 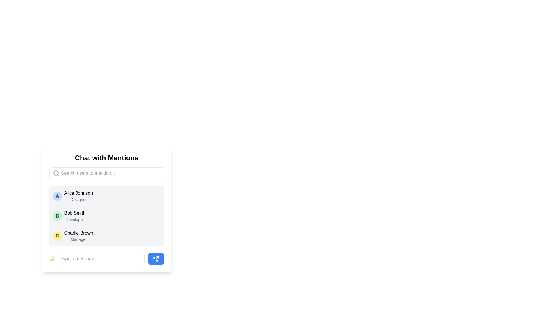 What do you see at coordinates (57, 236) in the screenshot?
I see `the avatar for 'Charlie Brown' located in the 'Chat with Mentions' list, positioned to the left of the text 'Charlie Brown' and above 'Manager.'` at bounding box center [57, 236].